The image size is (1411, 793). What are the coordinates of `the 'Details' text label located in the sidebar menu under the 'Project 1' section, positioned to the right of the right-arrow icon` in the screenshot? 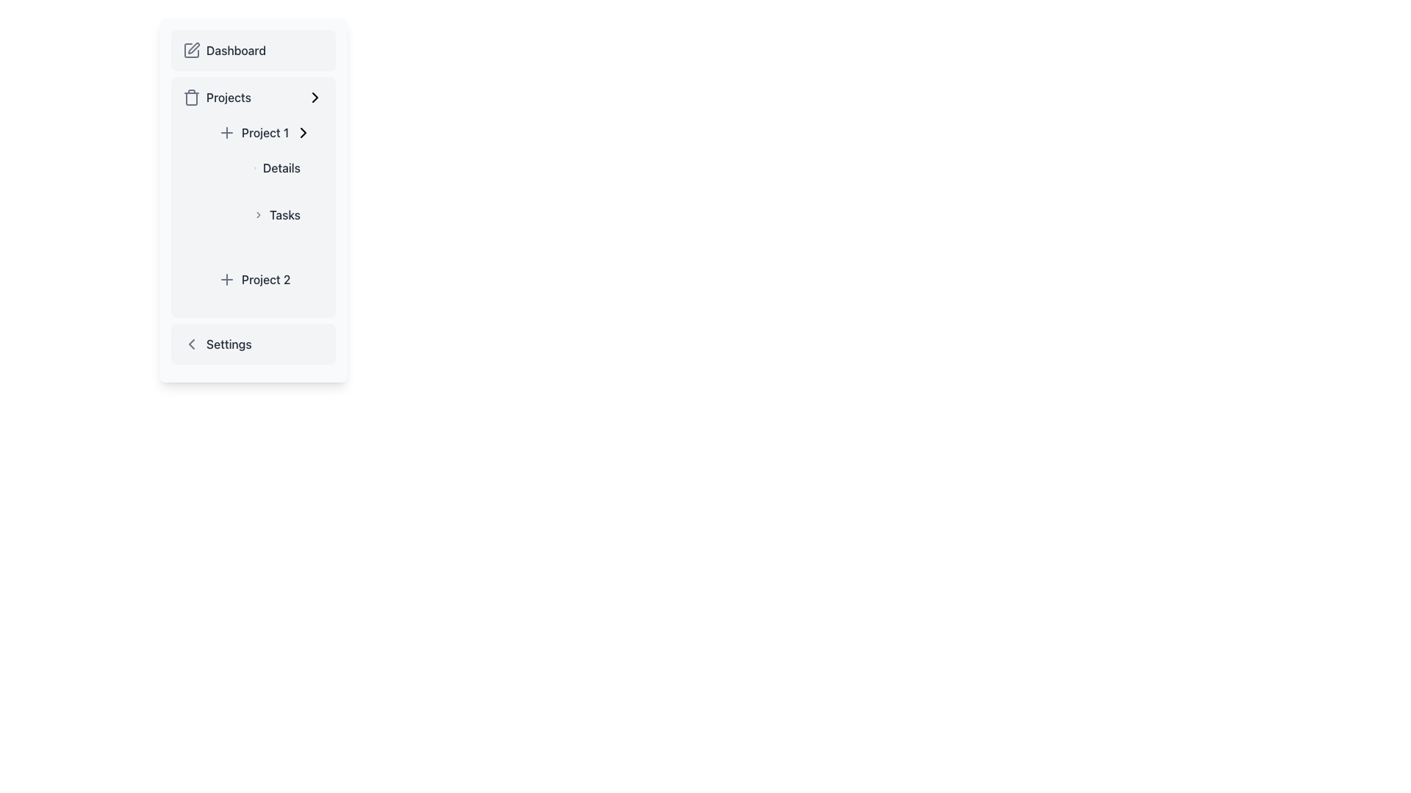 It's located at (281, 167).